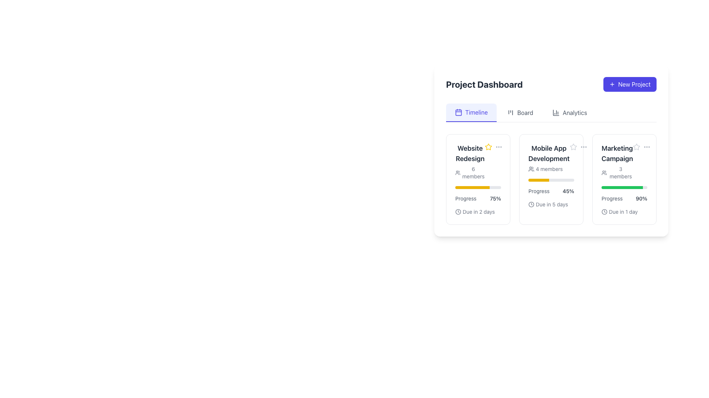 The height and width of the screenshot is (398, 709). Describe the element at coordinates (465, 198) in the screenshot. I see `the 'Progress' text label displayed in gray color, which is part of the 'Website Redesign' section of the dashboard layout` at that location.